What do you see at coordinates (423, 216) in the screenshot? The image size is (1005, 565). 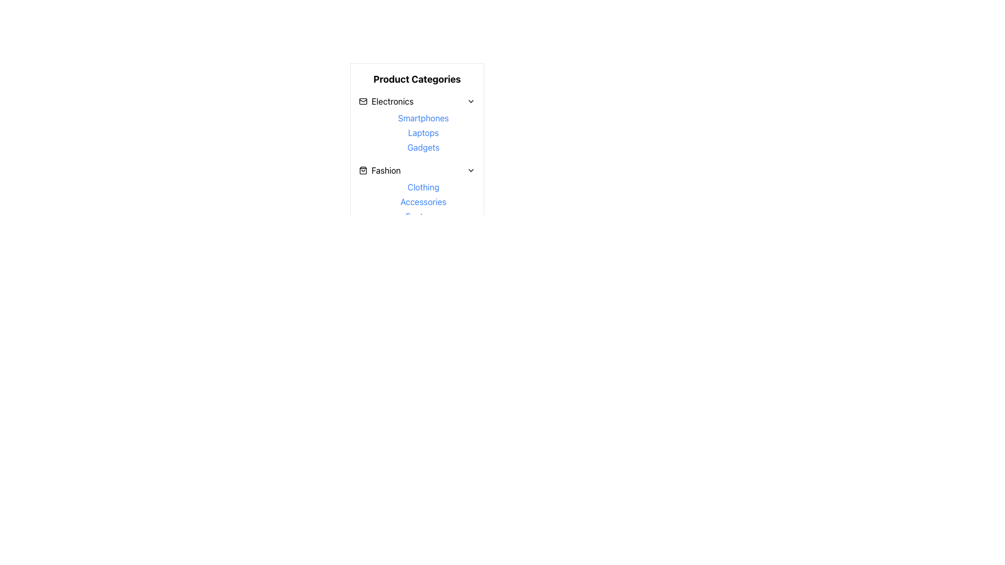 I see `the 'Footwear' navigation link located under the 'Fashion' category` at bounding box center [423, 216].